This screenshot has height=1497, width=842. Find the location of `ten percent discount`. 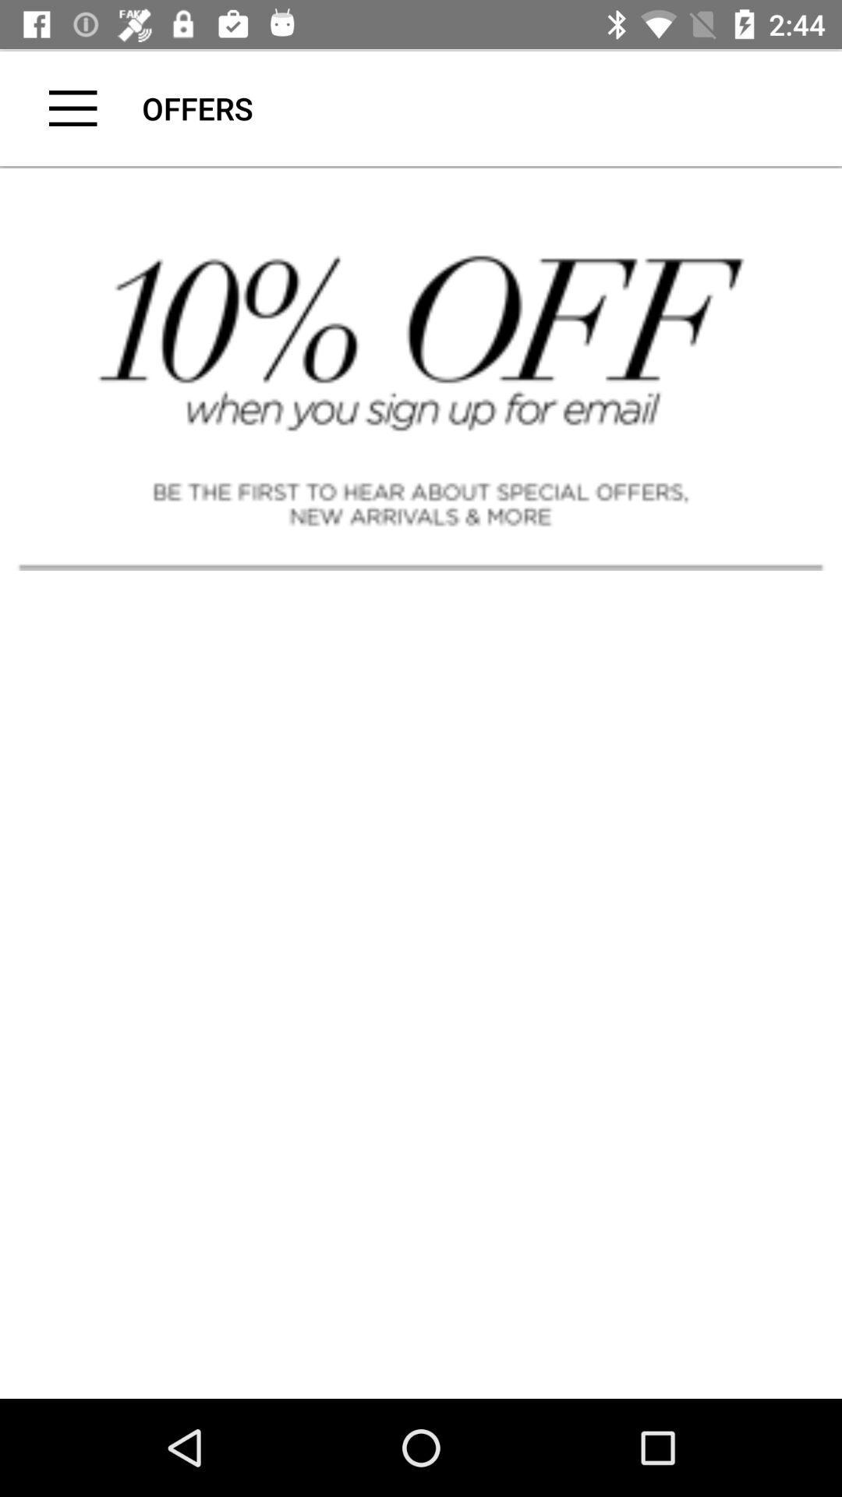

ten percent discount is located at coordinates (421, 366).